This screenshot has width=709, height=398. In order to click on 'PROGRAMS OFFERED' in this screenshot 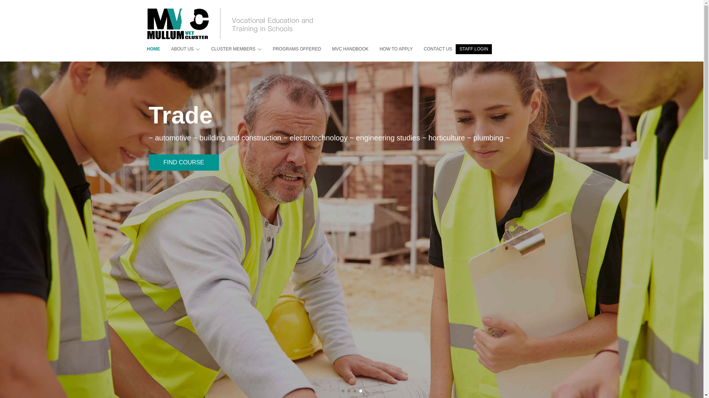, I will do `click(291, 49)`.